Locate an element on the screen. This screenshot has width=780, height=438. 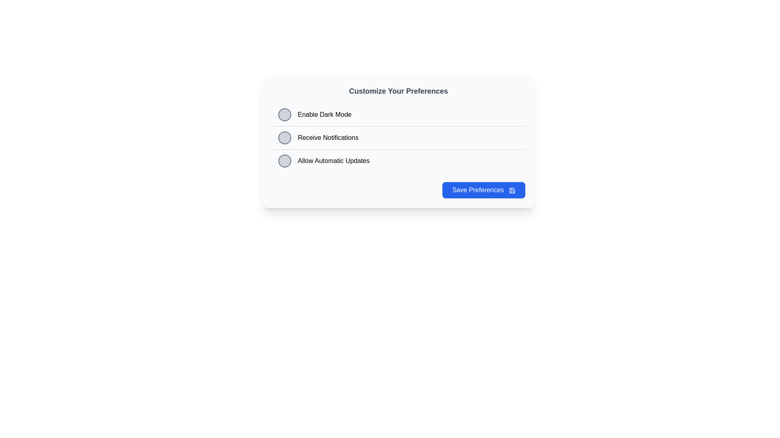
to select the second item in the 'Customize Your Preferences' list is located at coordinates (398, 142).